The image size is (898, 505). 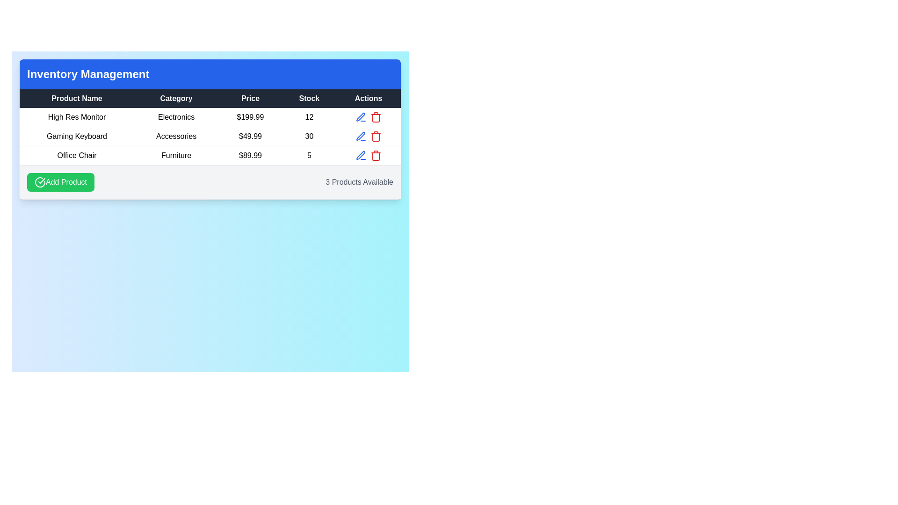 What do you see at coordinates (250, 155) in the screenshot?
I see `the price label for 'Office Chair' located in the fourth column of the third row in the 'Inventory Management' section` at bounding box center [250, 155].